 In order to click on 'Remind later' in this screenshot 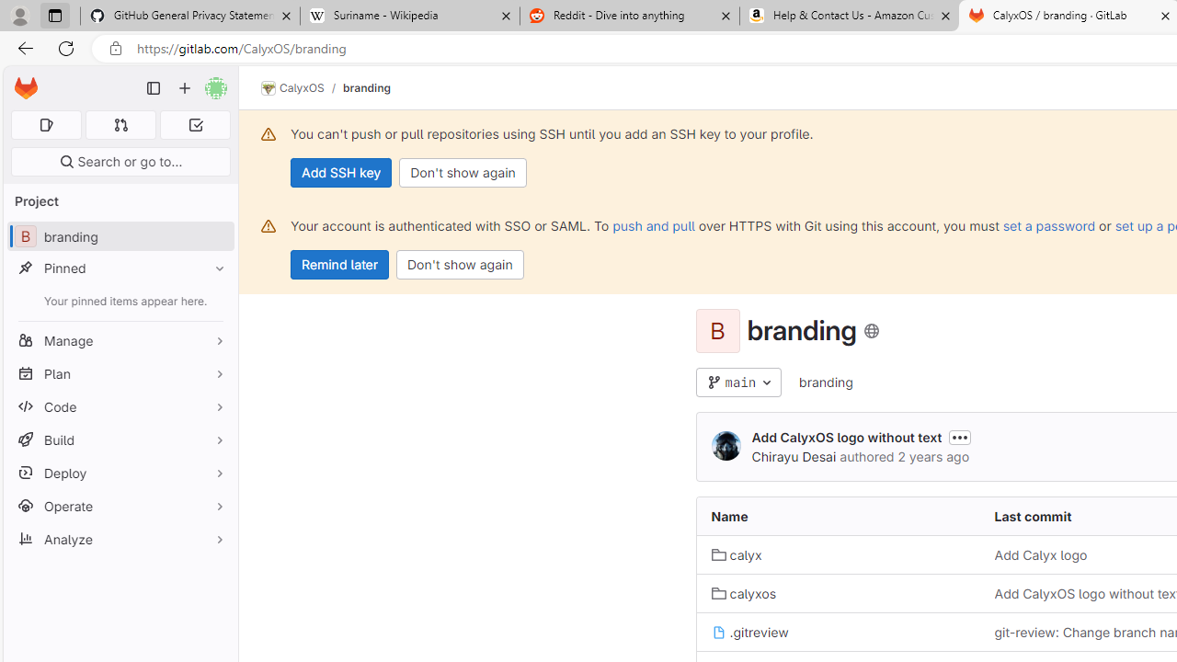, I will do `click(339, 265)`.